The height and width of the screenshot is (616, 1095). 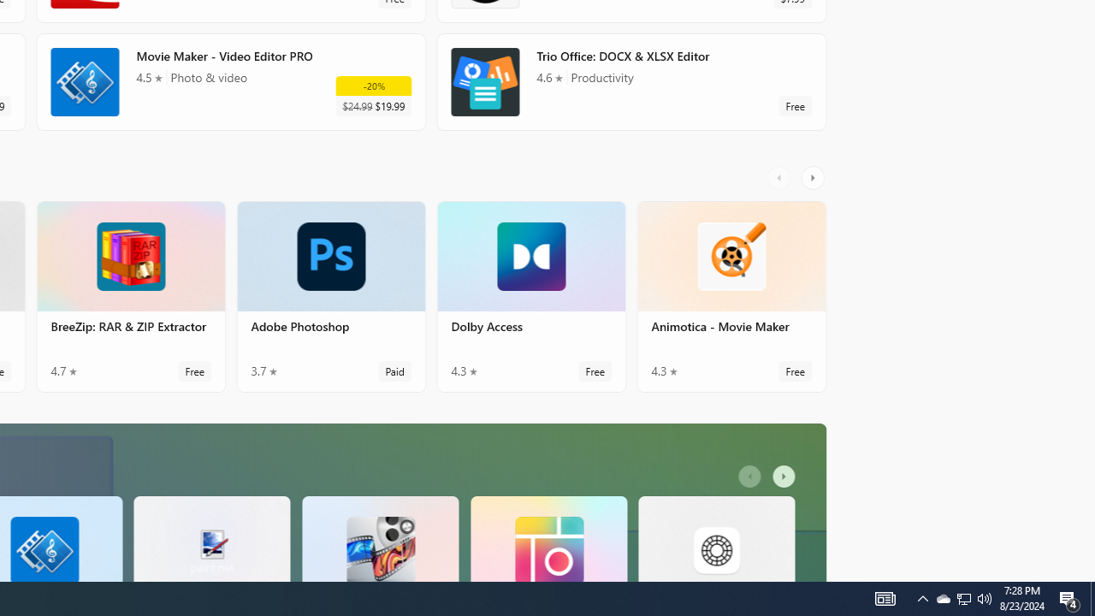 What do you see at coordinates (751, 477) in the screenshot?
I see `'AutomationID: LeftScrollButton'` at bounding box center [751, 477].